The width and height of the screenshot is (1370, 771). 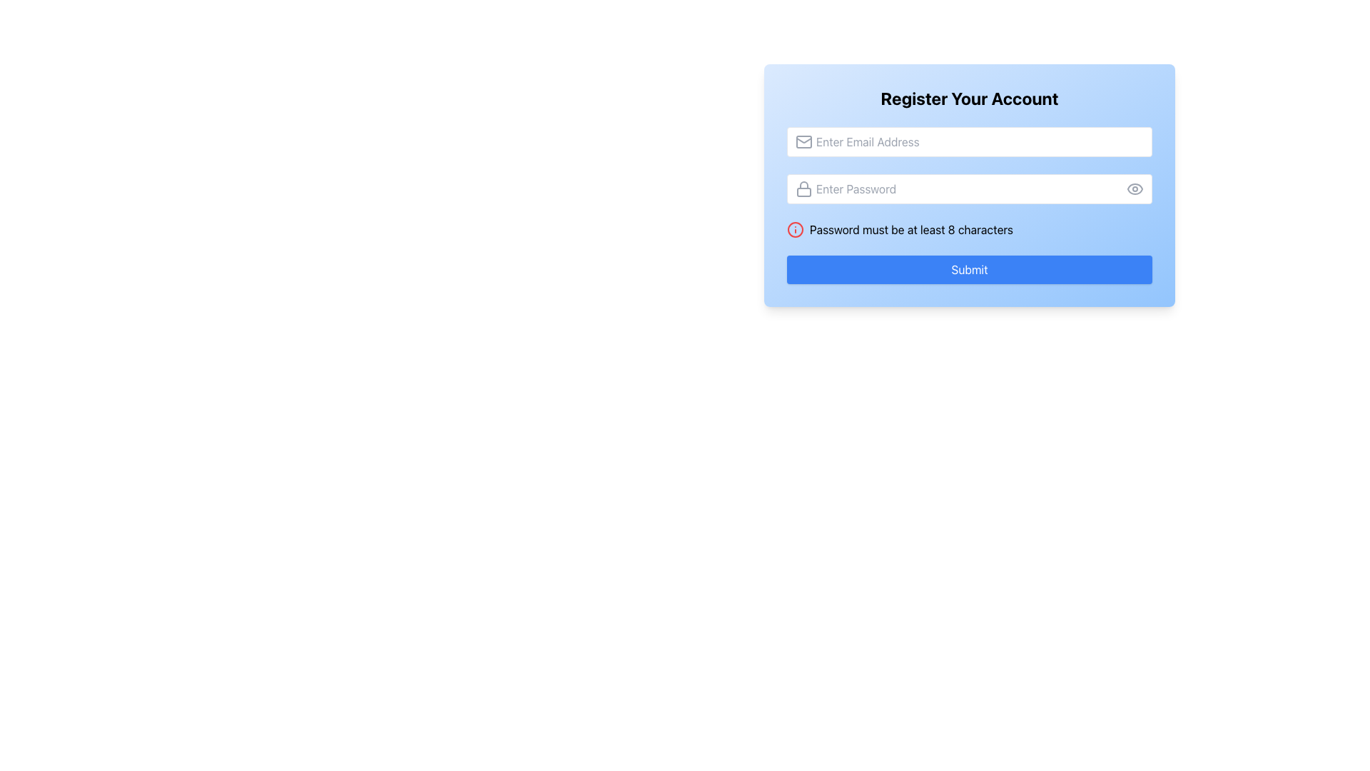 I want to click on the text label that provides guidance on minimum password requirements for account registration, located below the 'Enter Password' input field, so click(x=910, y=228).